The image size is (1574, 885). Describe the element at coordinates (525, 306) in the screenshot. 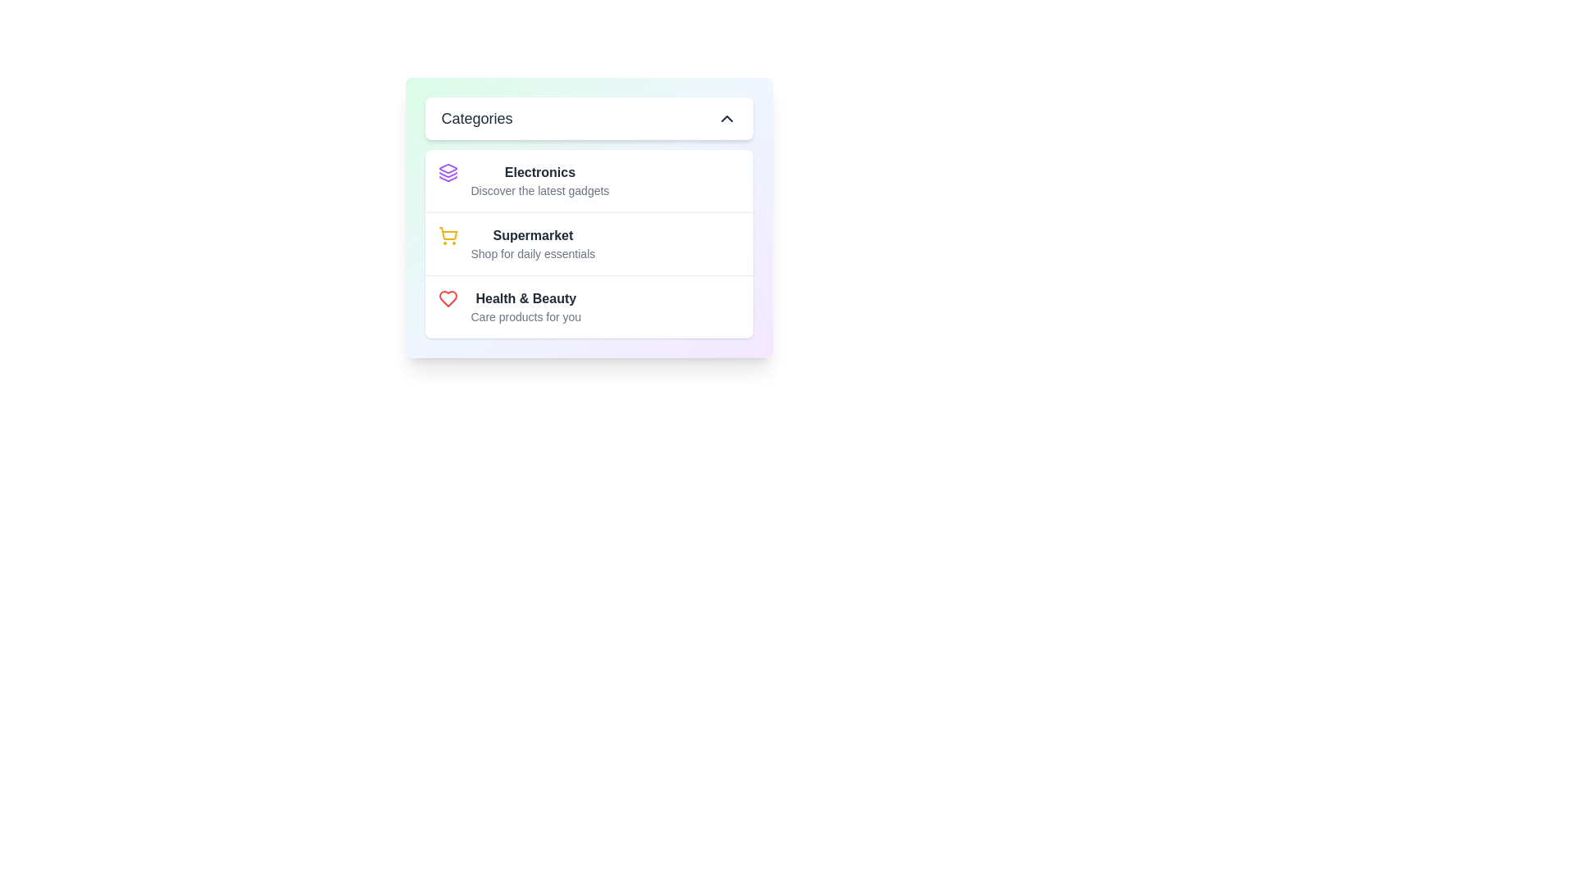

I see `the 'Health & Beauty' Category Label element, which features a bolded title and a subtitle` at that location.